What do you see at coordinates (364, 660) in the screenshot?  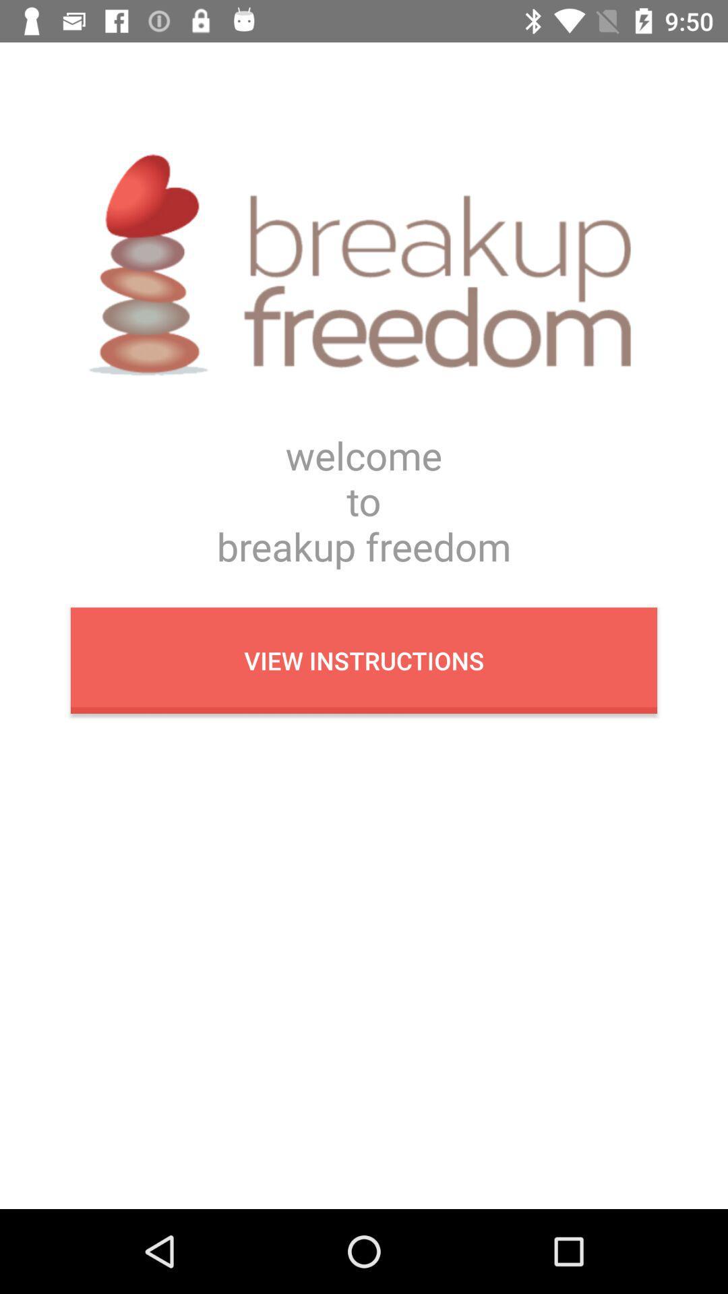 I see `icon below the welcome to breakup` at bounding box center [364, 660].